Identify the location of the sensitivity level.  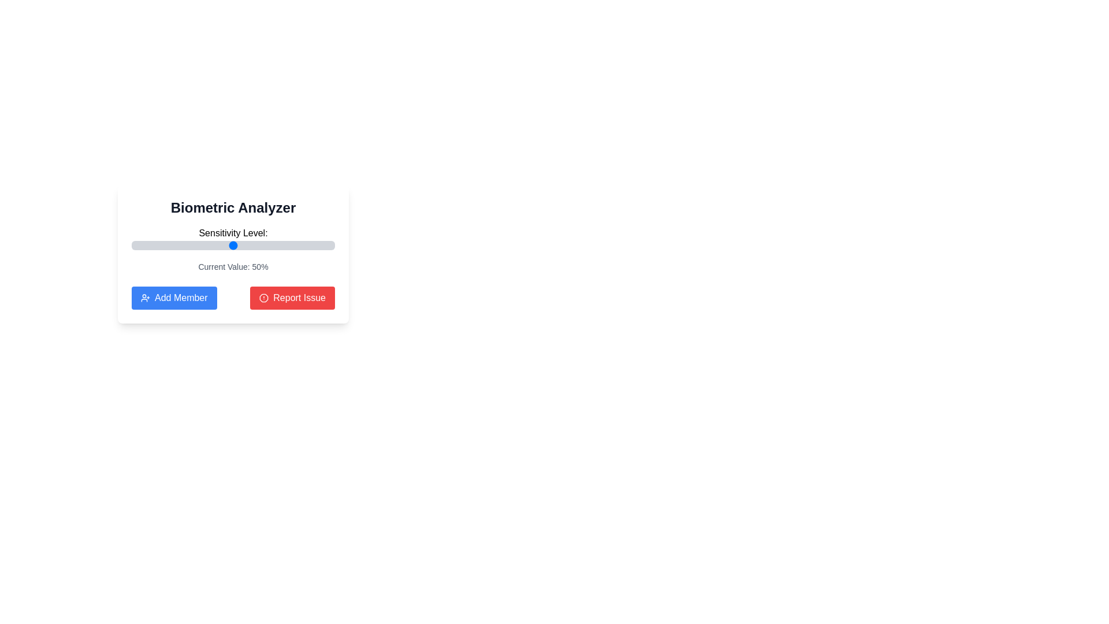
(304, 244).